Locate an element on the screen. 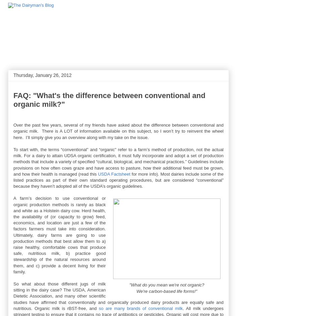 This screenshot has width=335, height=316. 'Over the past few years, several of my friends have asked about the difference between conventional and organic milk.  There is A LOT of information available on
this subject, so I won’t try to reinvent the wheel here.  I’ll simply give you an overview along with my take on the issue.' is located at coordinates (118, 131).